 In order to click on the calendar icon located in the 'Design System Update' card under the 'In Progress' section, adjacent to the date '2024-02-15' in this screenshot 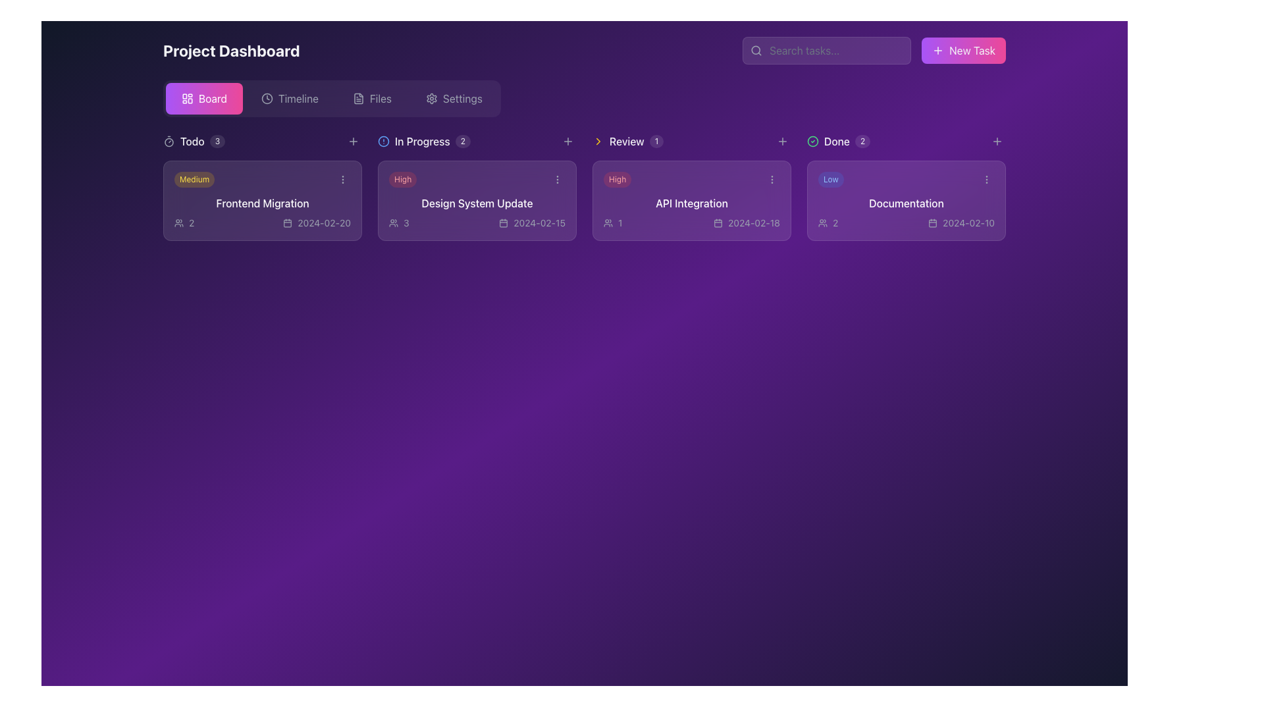, I will do `click(503, 223)`.